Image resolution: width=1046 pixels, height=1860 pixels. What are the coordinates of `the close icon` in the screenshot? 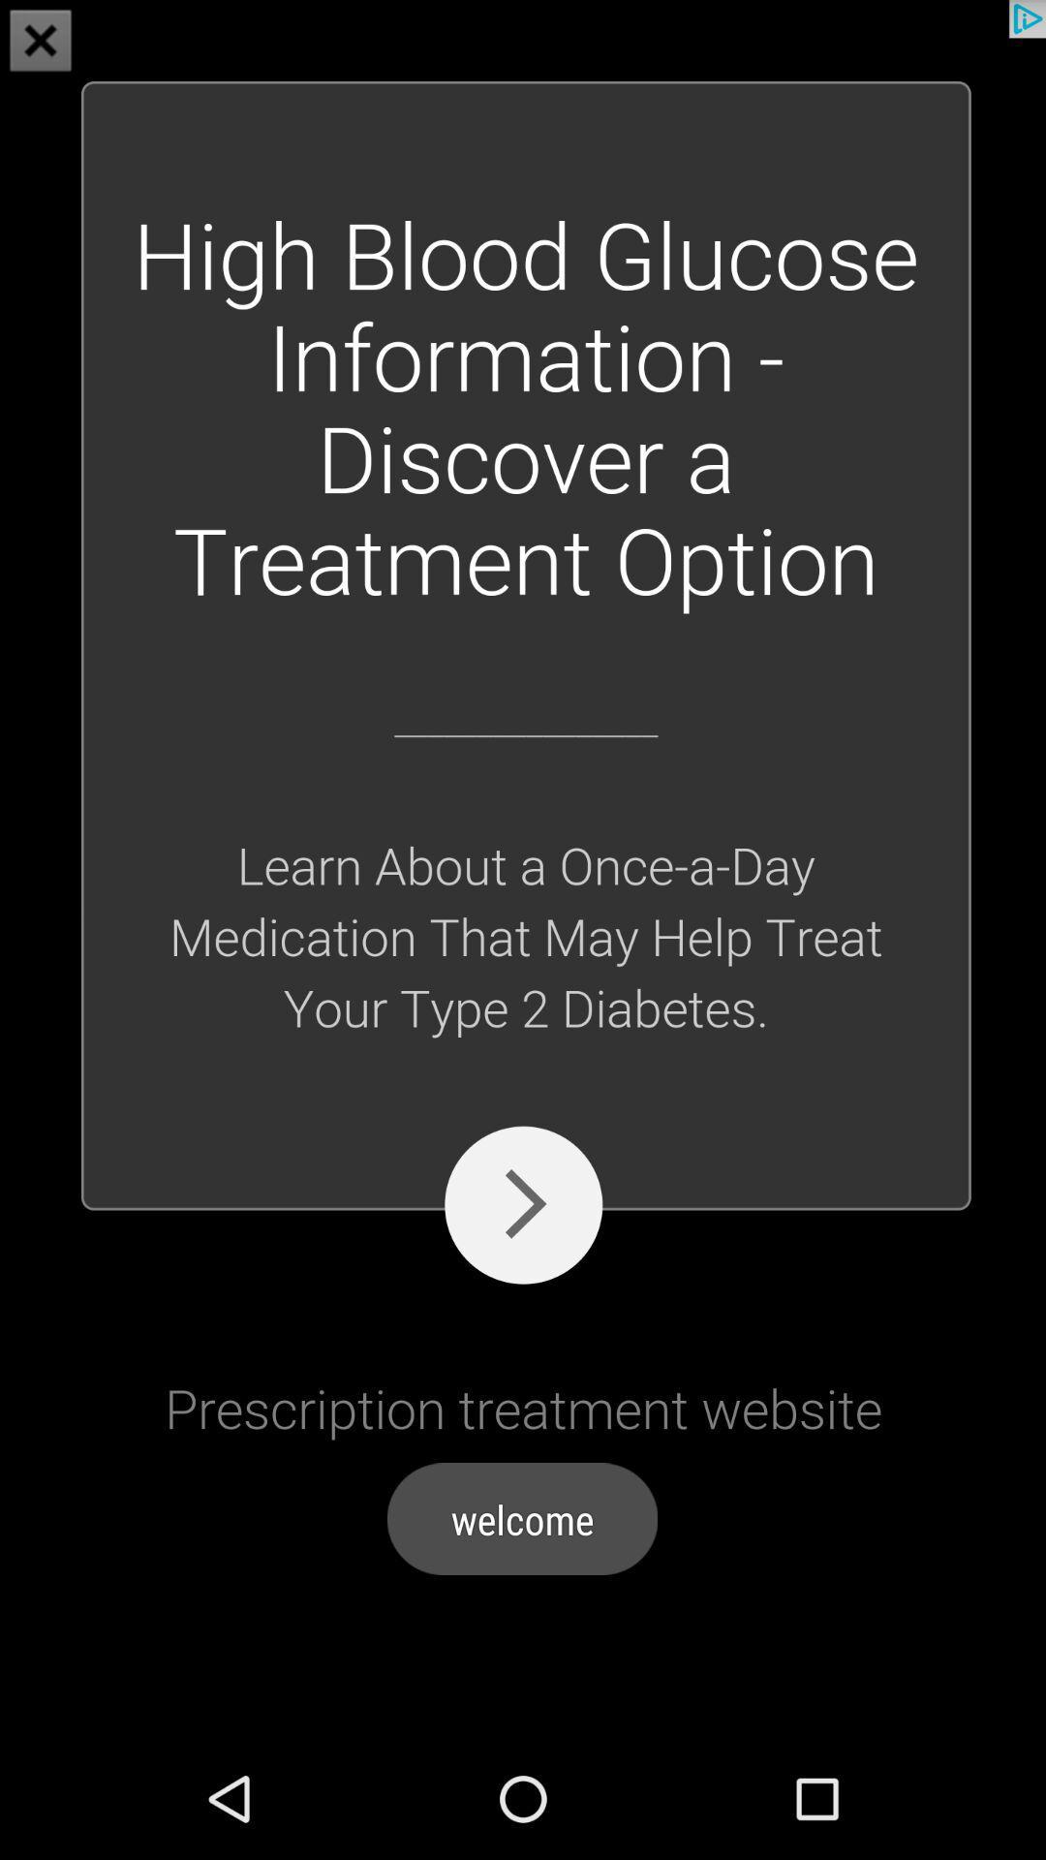 It's located at (41, 43).